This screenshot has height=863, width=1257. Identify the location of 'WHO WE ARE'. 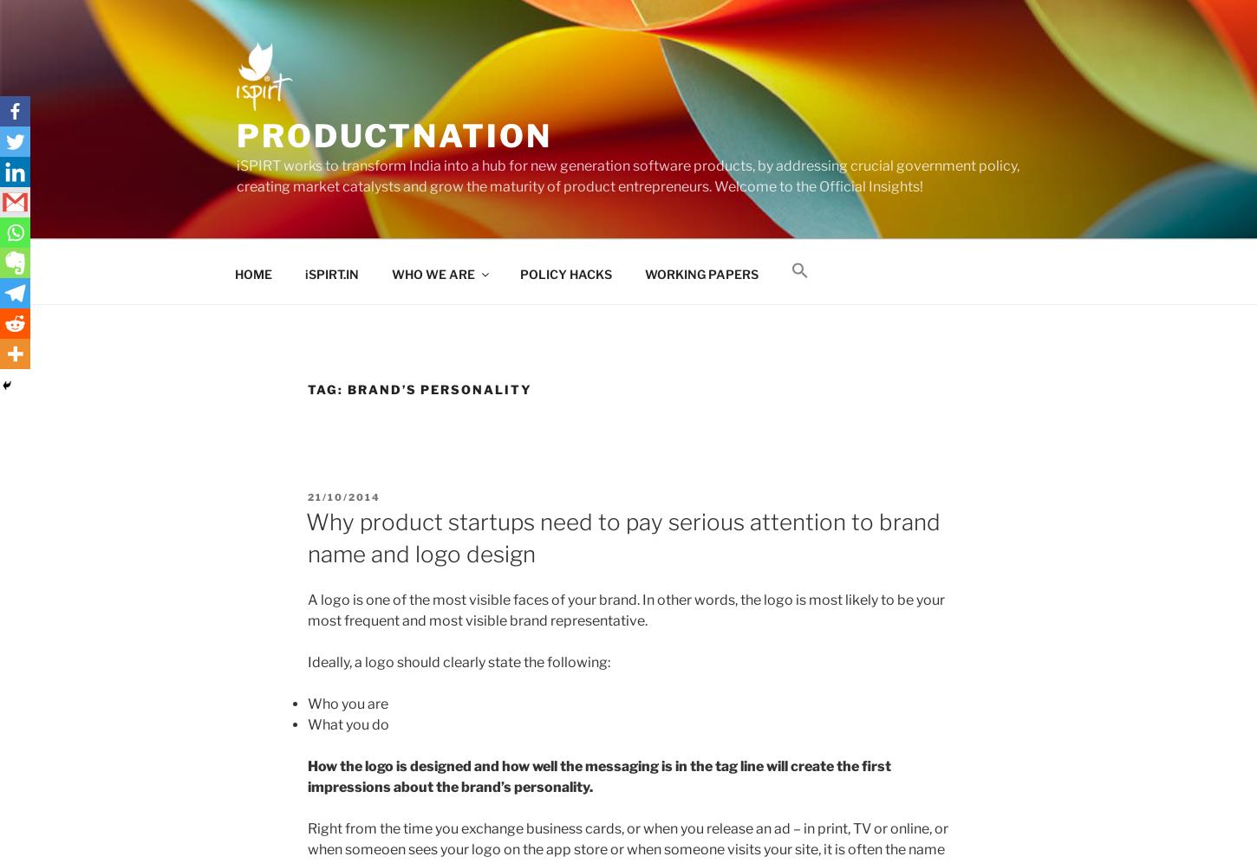
(432, 272).